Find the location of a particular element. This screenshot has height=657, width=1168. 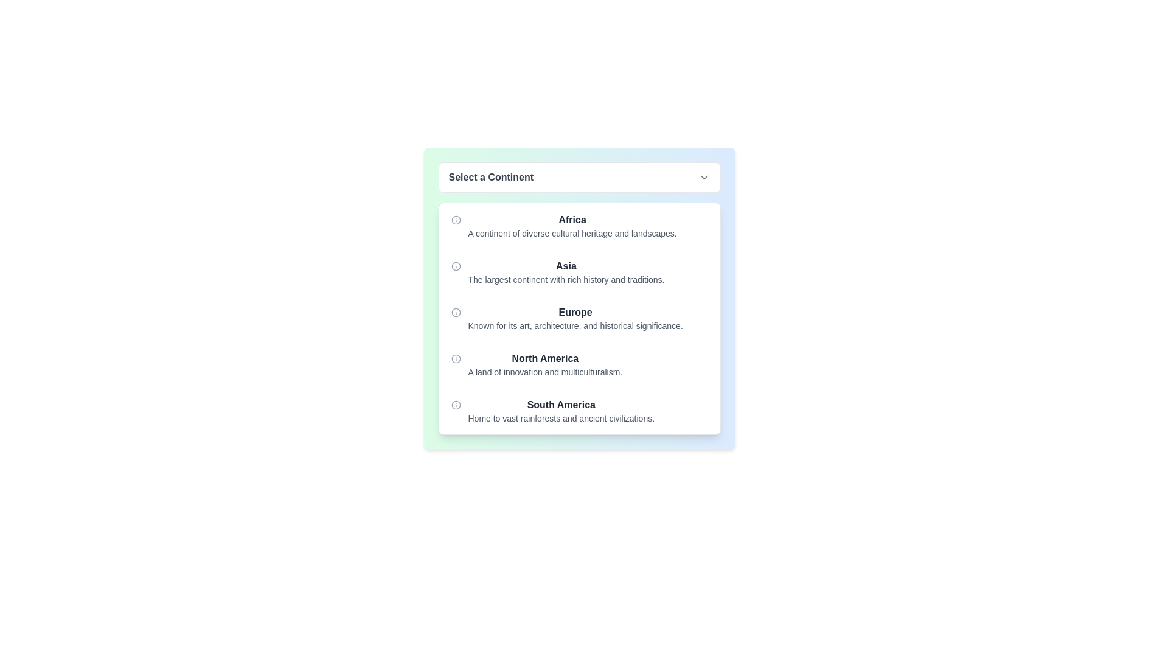

supportive description text label that clarifies the title 'North America' in the dropdown interface is located at coordinates (544, 372).